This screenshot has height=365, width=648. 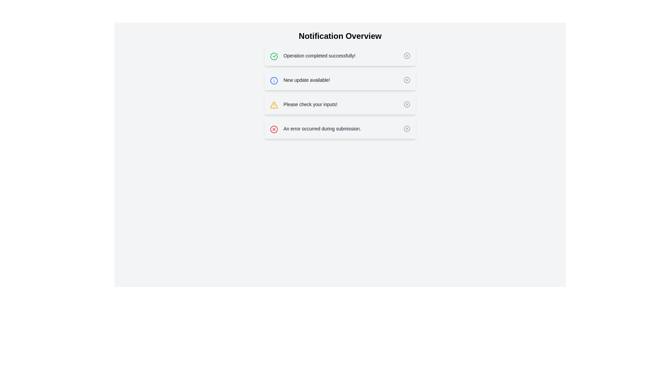 I want to click on warning icon located on the left side of the notification card with the message 'Please check your inputs!', which is the third card in a vertically stacked list of notifications, so click(x=274, y=105).